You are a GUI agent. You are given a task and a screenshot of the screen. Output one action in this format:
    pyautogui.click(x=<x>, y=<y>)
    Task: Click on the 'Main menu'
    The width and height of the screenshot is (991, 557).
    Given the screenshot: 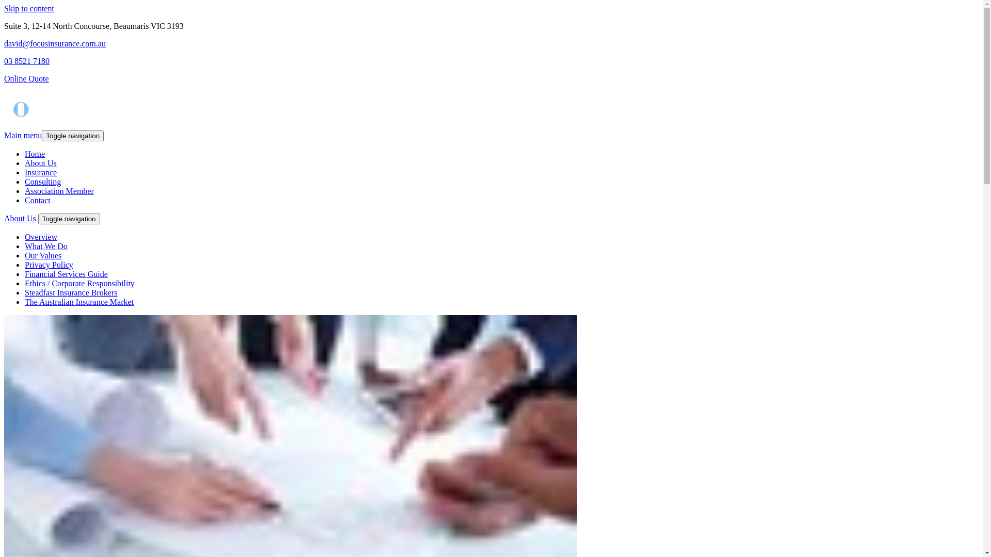 What is the action you would take?
    pyautogui.click(x=23, y=135)
    